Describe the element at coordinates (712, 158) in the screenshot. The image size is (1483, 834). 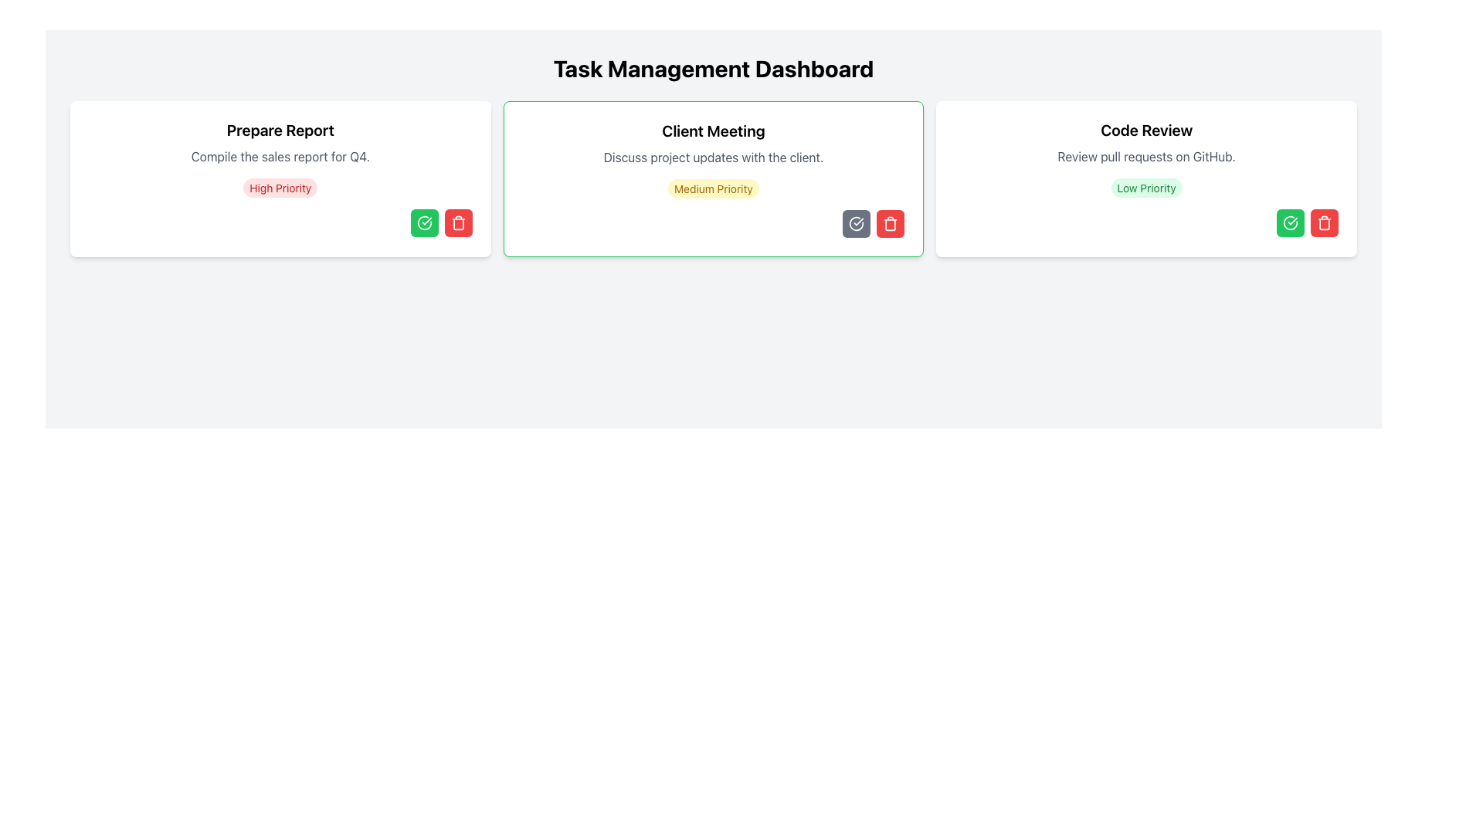
I see `the static text element that provides a description of the 'Client Meeting' task, located within the second task card in the Task Management Dashboard` at that location.